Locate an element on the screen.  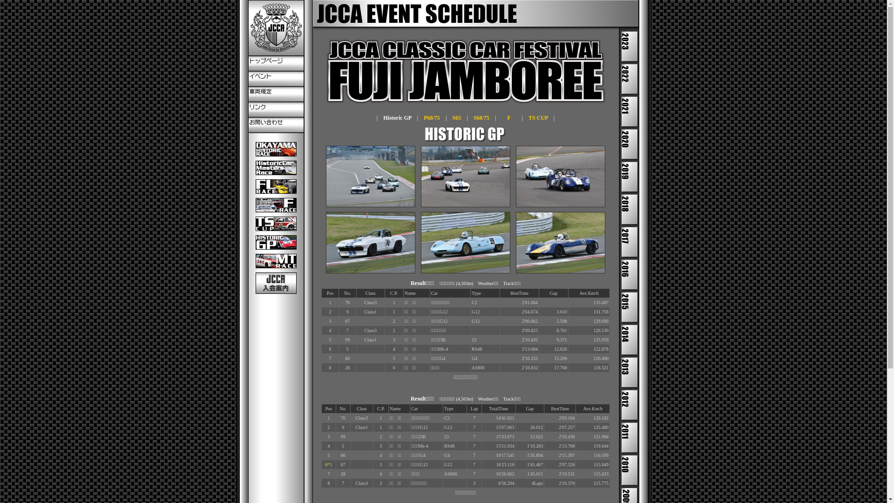
'F' is located at coordinates (508, 117).